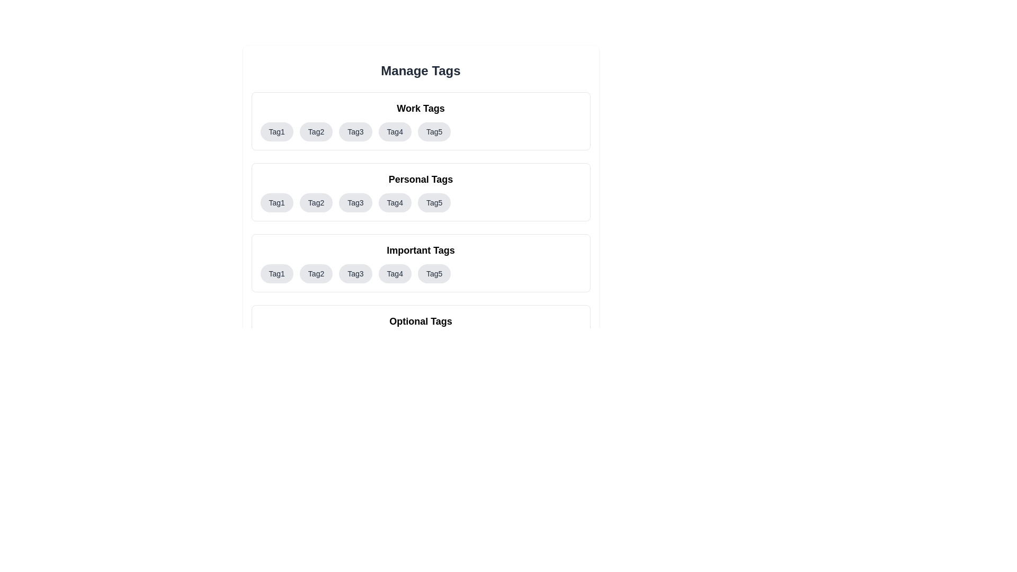 The width and height of the screenshot is (1017, 572). What do you see at coordinates (434, 202) in the screenshot?
I see `the button-like label with the text 'Tag5'` at bounding box center [434, 202].